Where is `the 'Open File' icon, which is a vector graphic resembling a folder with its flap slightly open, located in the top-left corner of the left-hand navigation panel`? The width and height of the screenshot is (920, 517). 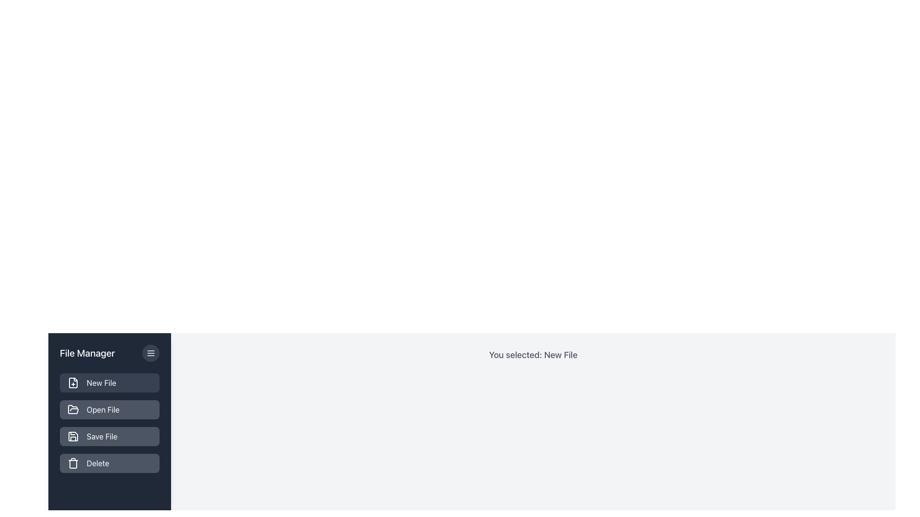
the 'Open File' icon, which is a vector graphic resembling a folder with its flap slightly open, located in the top-left corner of the left-hand navigation panel is located at coordinates (73, 409).